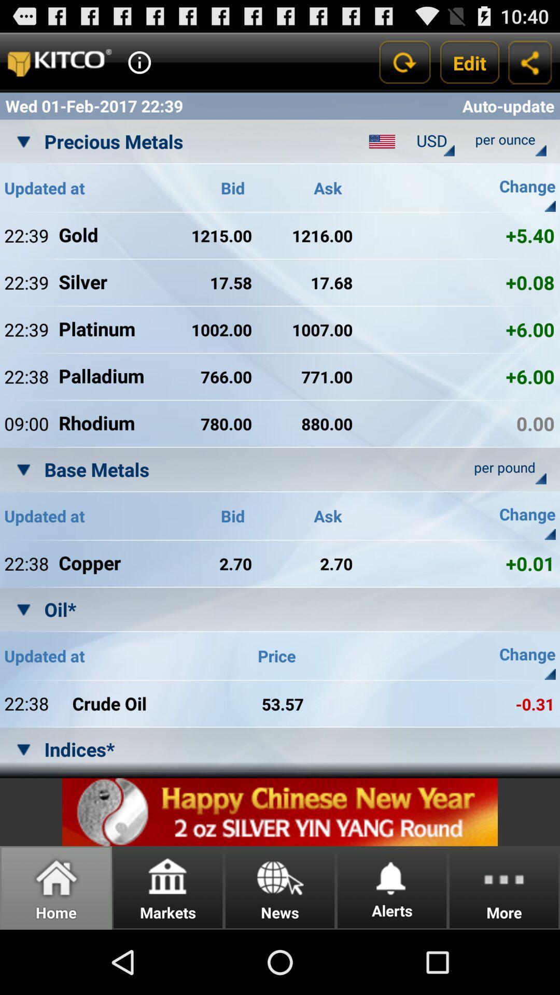 This screenshot has height=995, width=560. What do you see at coordinates (530, 62) in the screenshot?
I see `share this page` at bounding box center [530, 62].